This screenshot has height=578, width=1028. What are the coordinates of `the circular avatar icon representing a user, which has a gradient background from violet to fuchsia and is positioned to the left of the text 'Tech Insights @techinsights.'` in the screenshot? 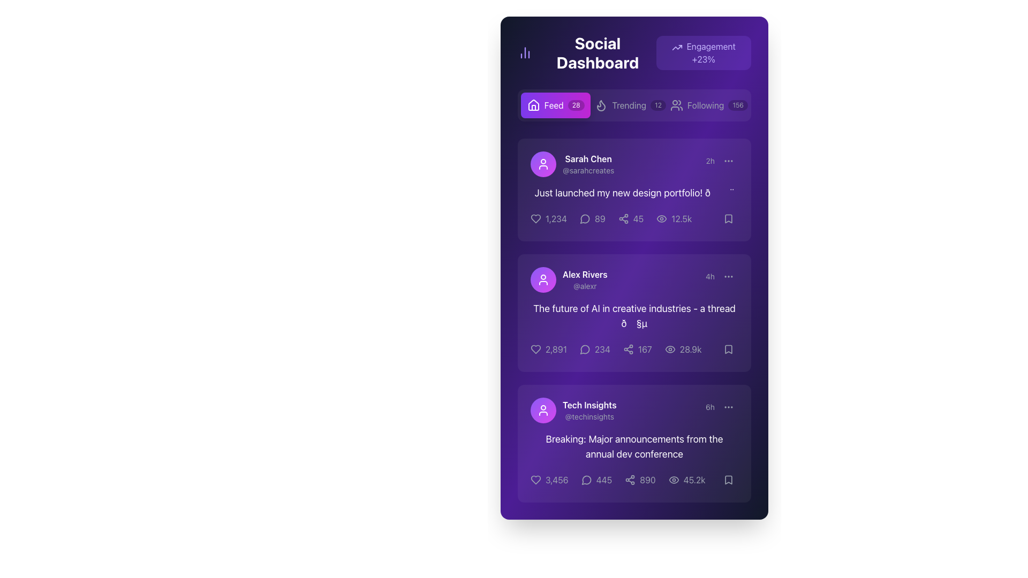 It's located at (543, 410).